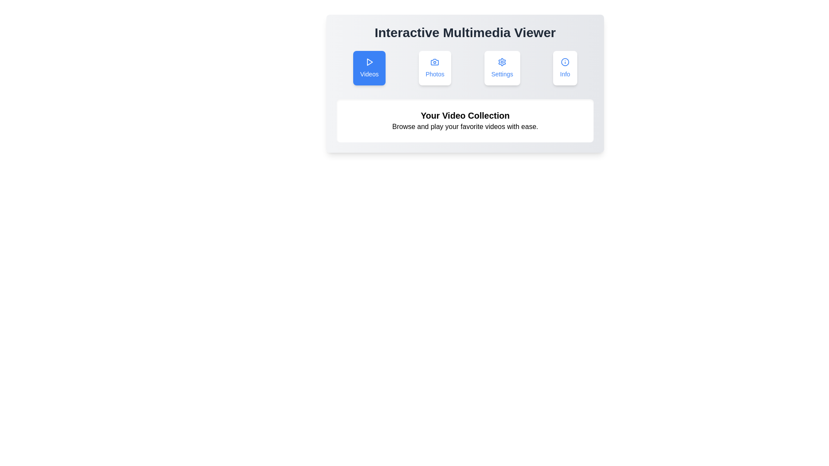 This screenshot has height=466, width=829. What do you see at coordinates (370, 61) in the screenshot?
I see `the triangular play icon located inside the blue circular button labeled 'Videos', which is the first button in a row of four at the upper section of the interface` at bounding box center [370, 61].